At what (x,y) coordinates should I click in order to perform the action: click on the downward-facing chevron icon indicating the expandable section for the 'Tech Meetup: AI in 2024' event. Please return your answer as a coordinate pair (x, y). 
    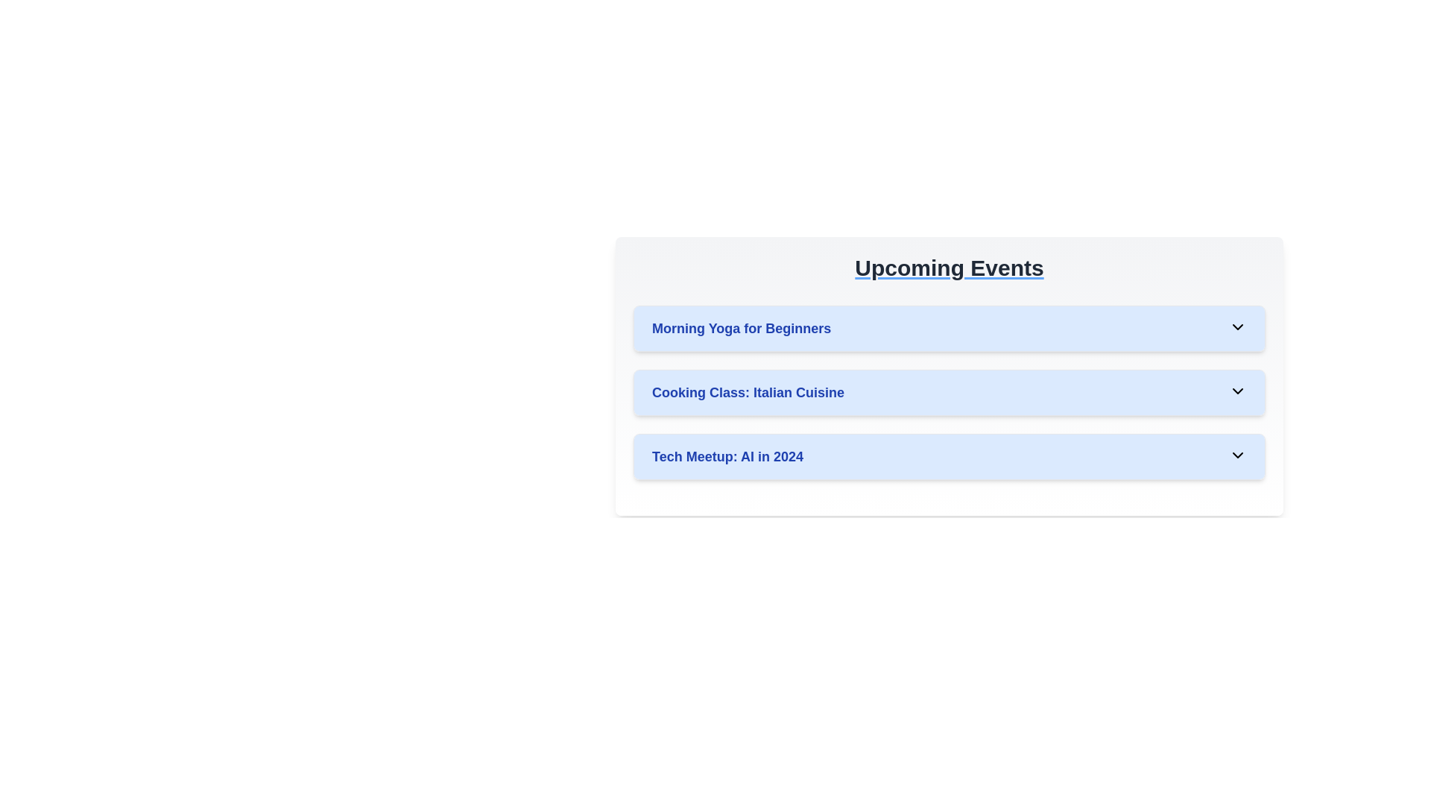
    Looking at the image, I should click on (1237, 454).